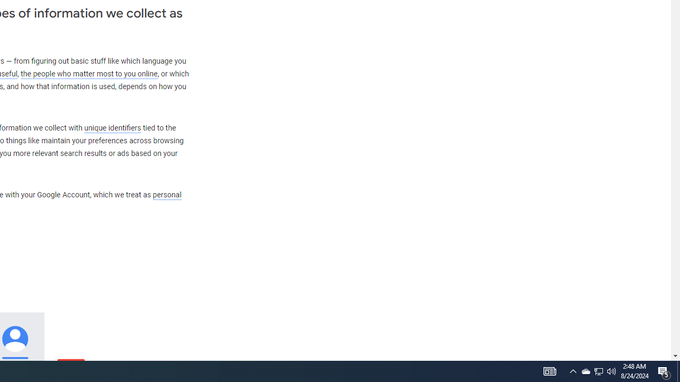 The height and width of the screenshot is (382, 680). What do you see at coordinates (89, 73) in the screenshot?
I see `'the people who matter most to you online'` at bounding box center [89, 73].